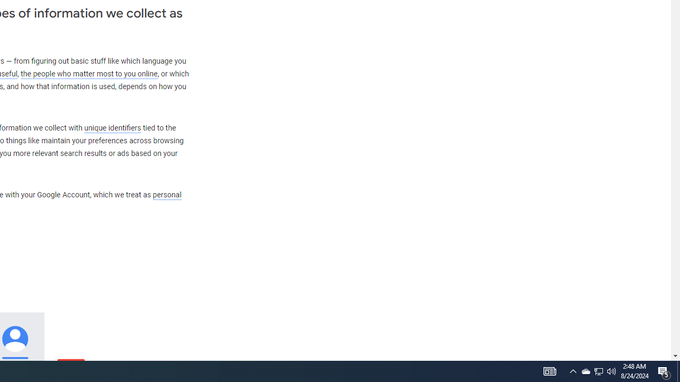 The height and width of the screenshot is (382, 680). What do you see at coordinates (89, 73) in the screenshot?
I see `'the people who matter most to you online'` at bounding box center [89, 73].